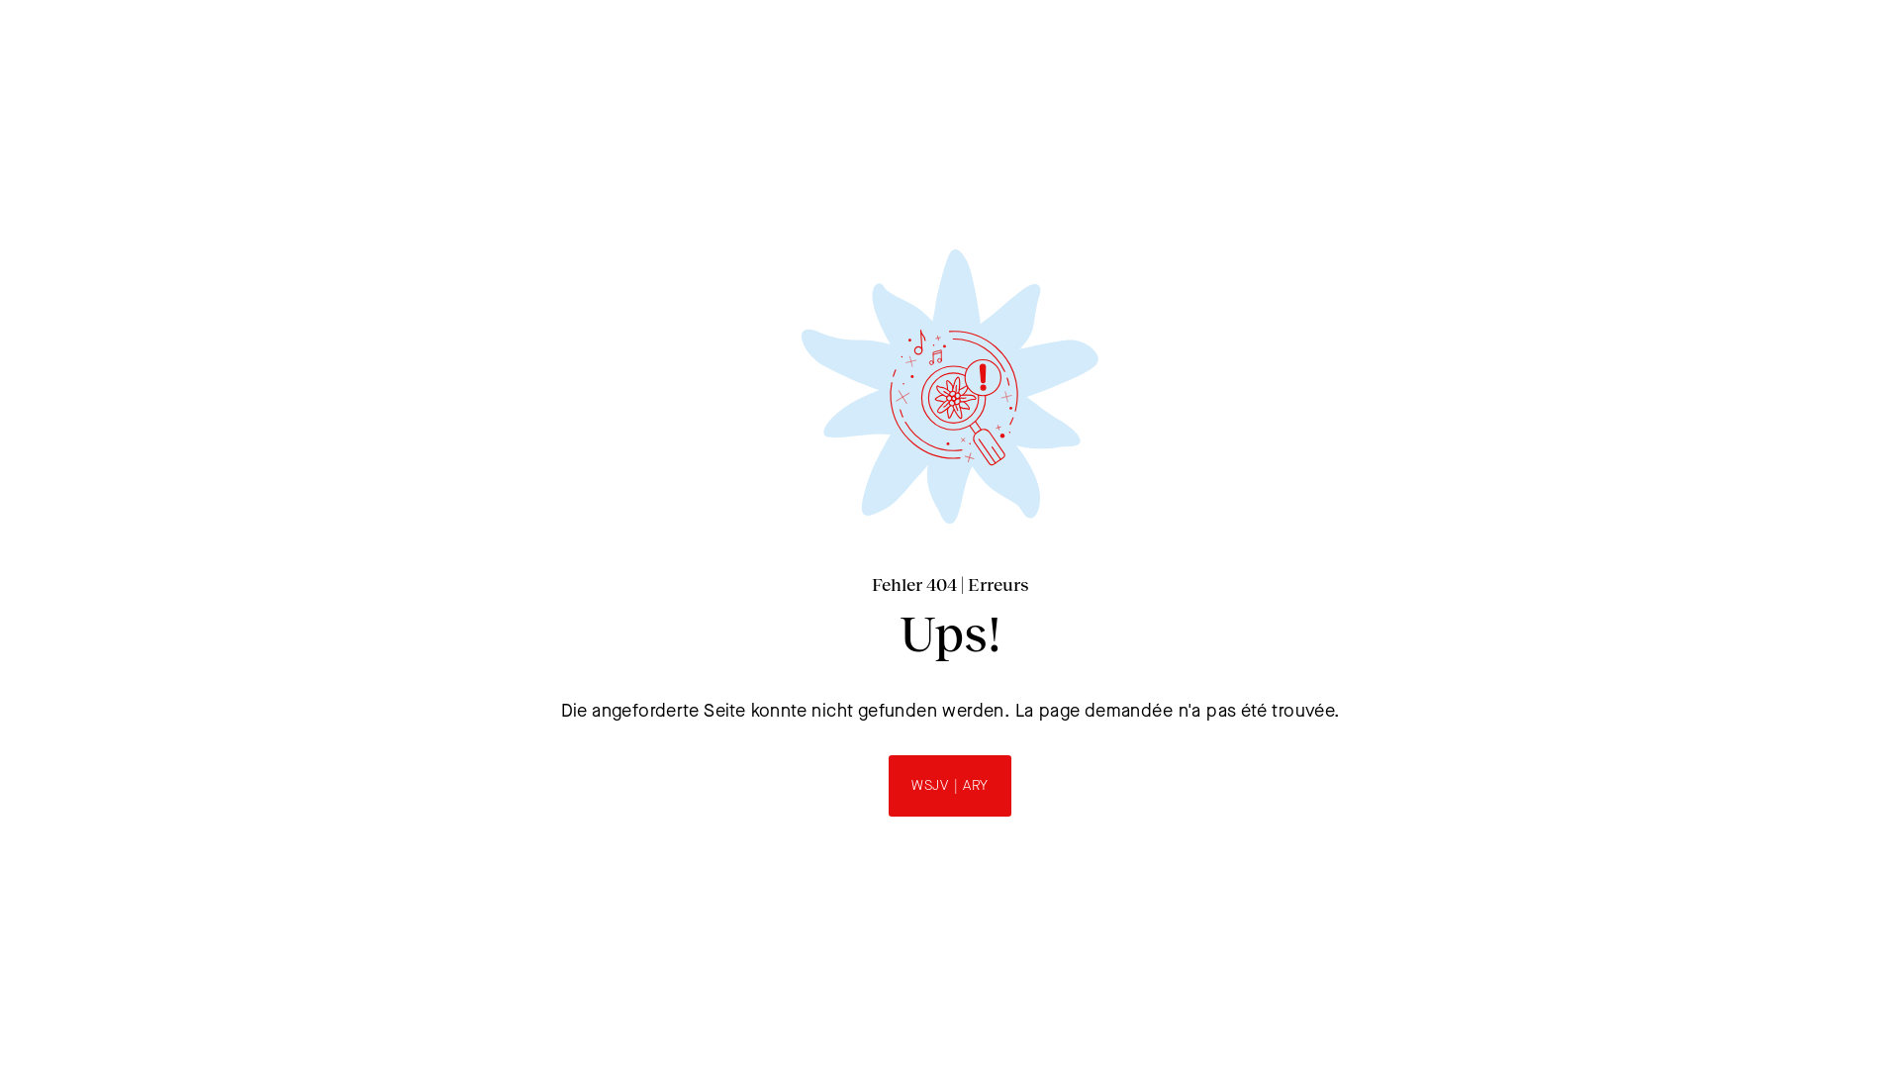 The image size is (1900, 1069). I want to click on 'WSJV | ARY', so click(948, 785).